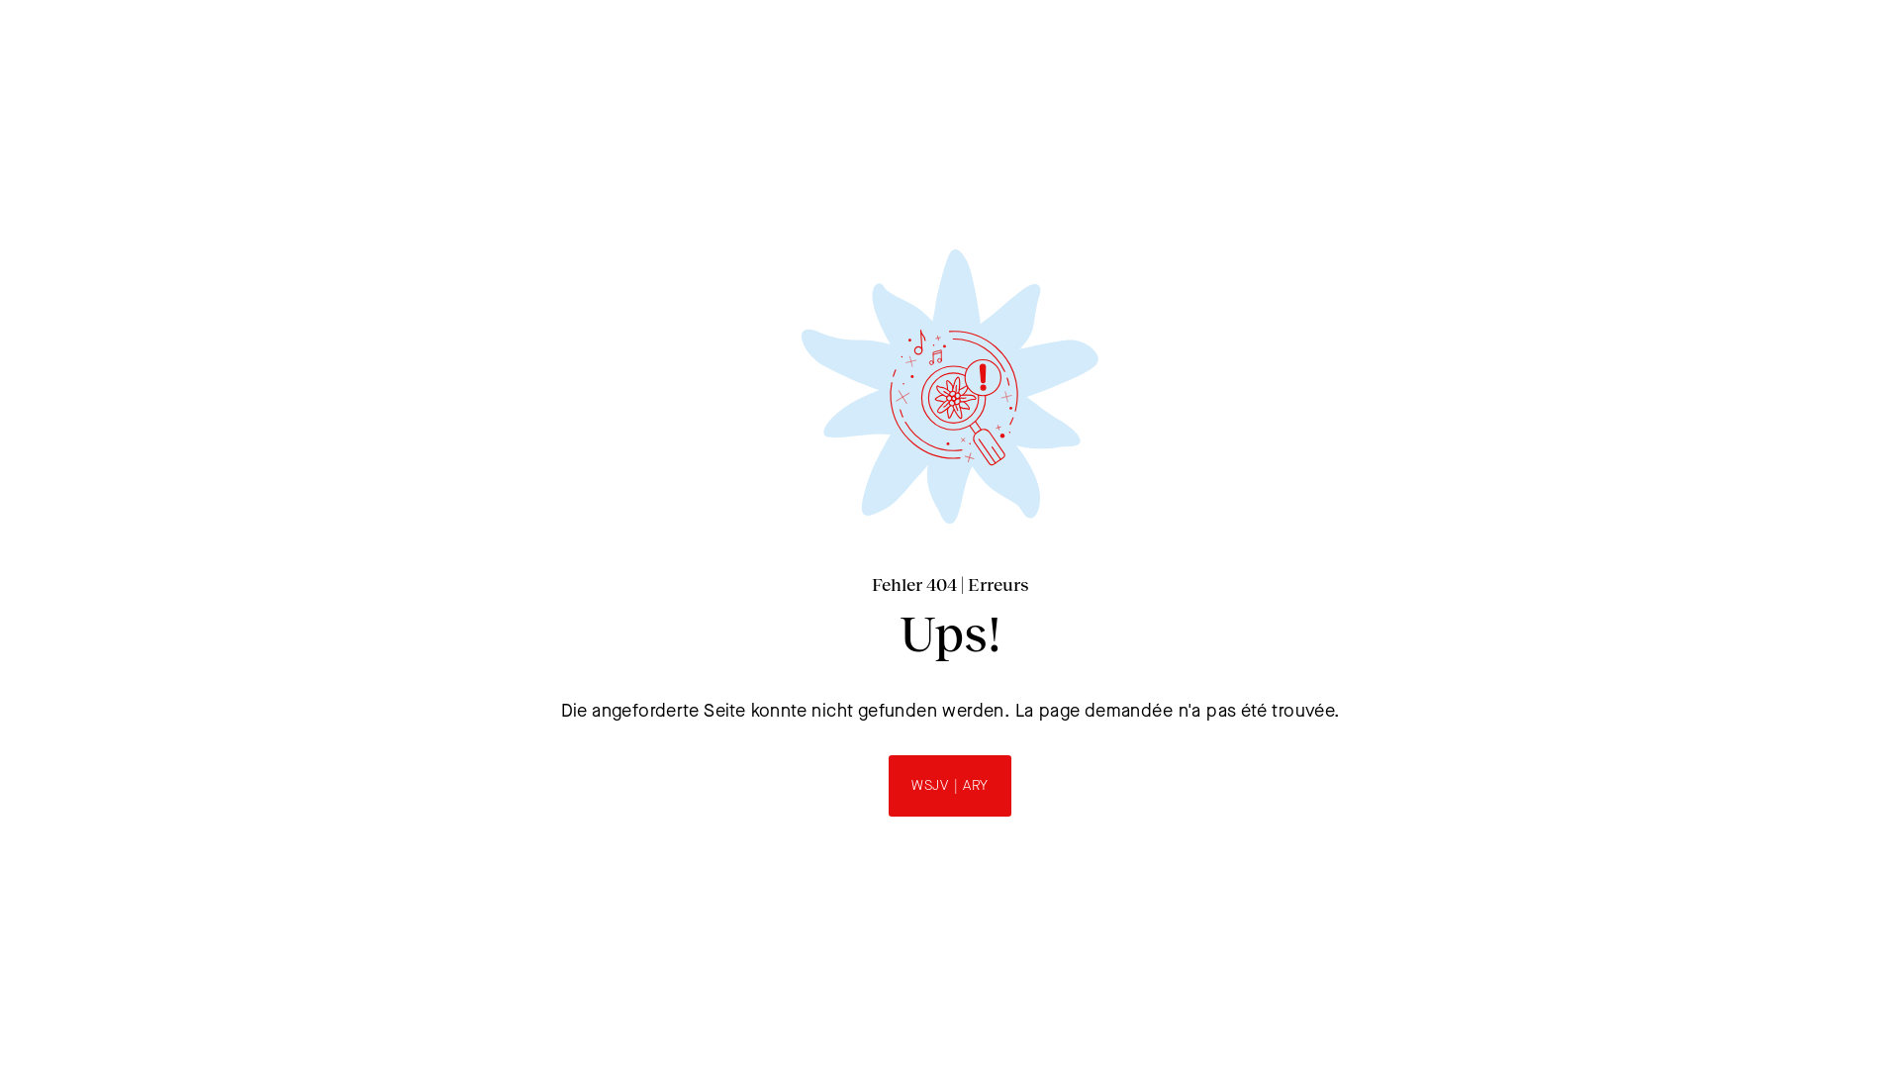 The image size is (1900, 1069). I want to click on 'WSJV | ARY', so click(948, 785).